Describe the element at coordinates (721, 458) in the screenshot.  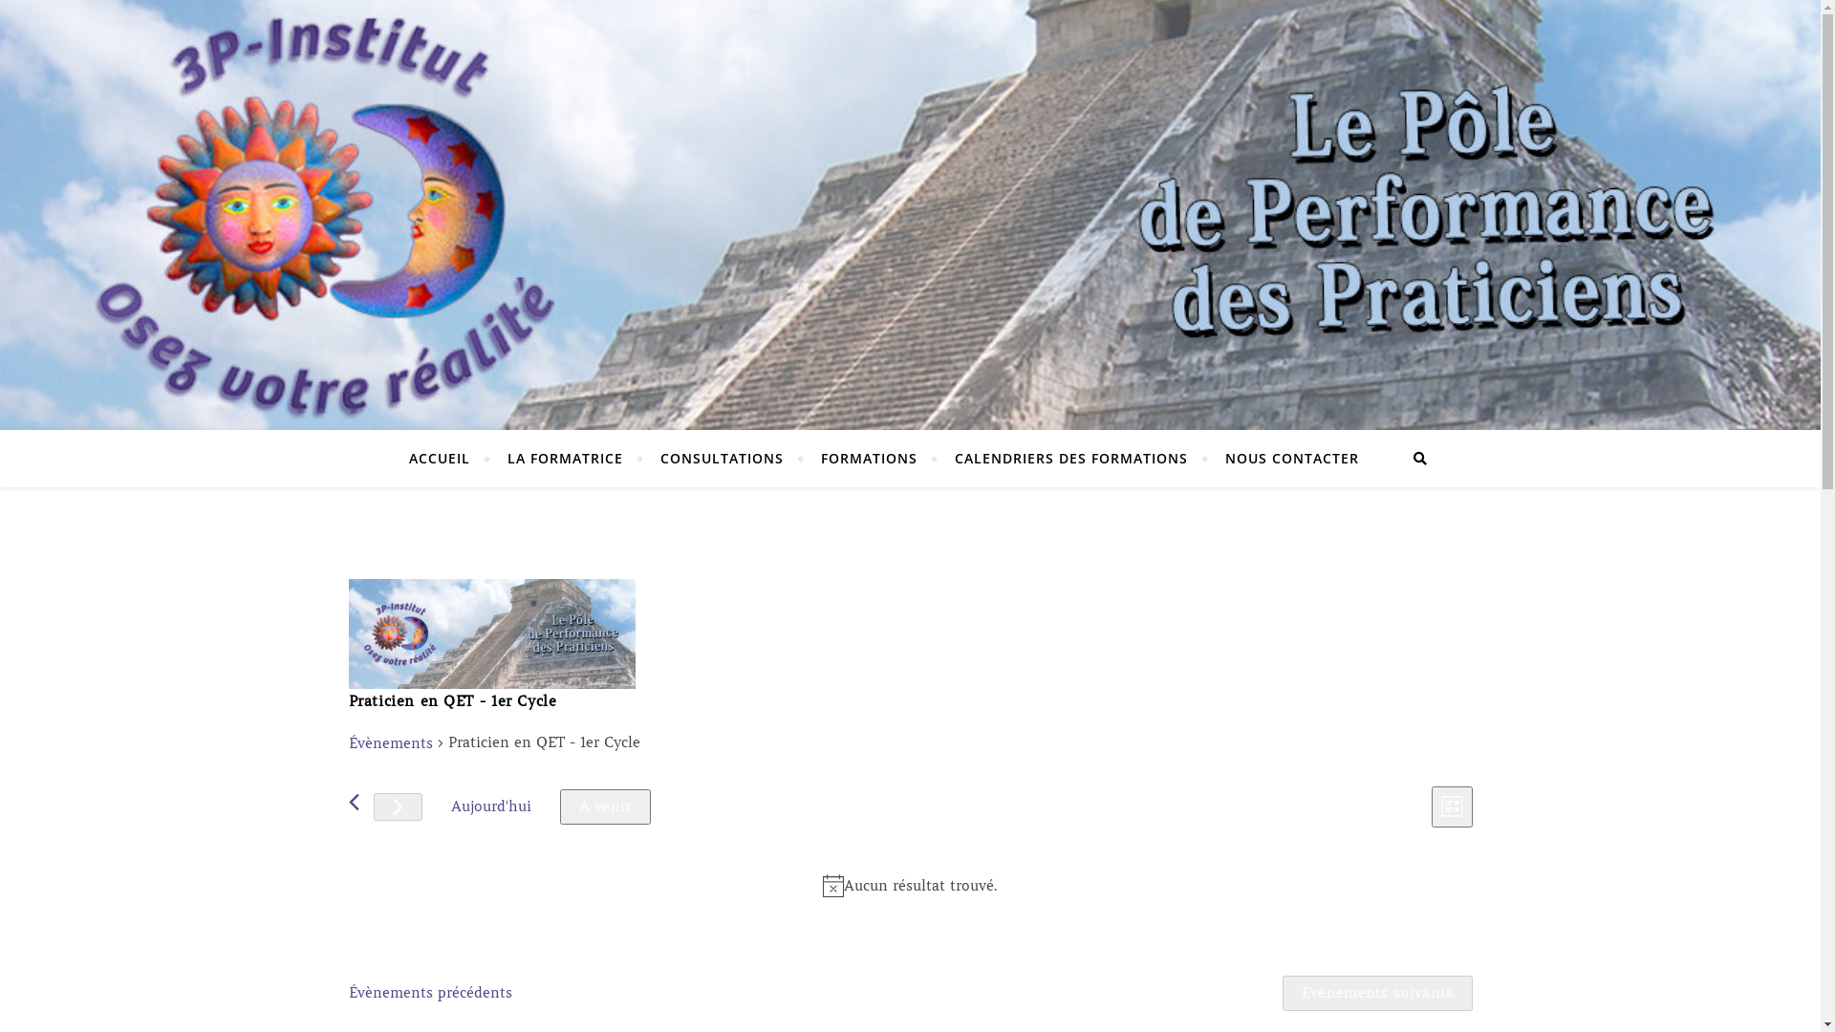
I see `'CONSULTATIONS'` at that location.